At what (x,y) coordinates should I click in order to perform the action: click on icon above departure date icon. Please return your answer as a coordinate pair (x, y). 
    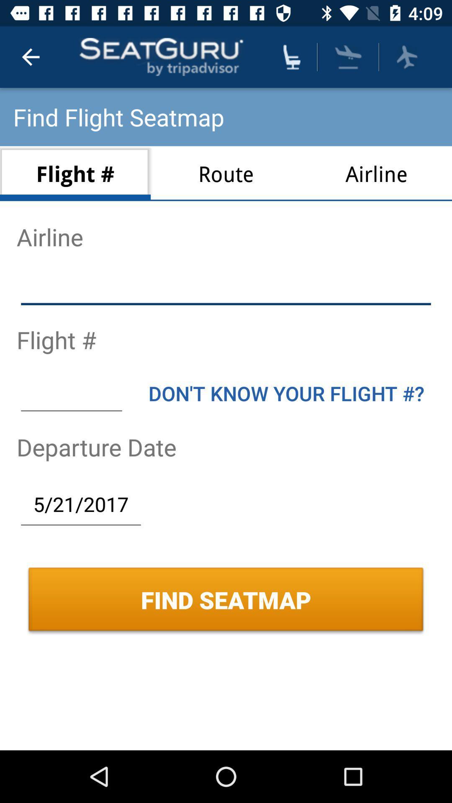
    Looking at the image, I should click on (286, 393).